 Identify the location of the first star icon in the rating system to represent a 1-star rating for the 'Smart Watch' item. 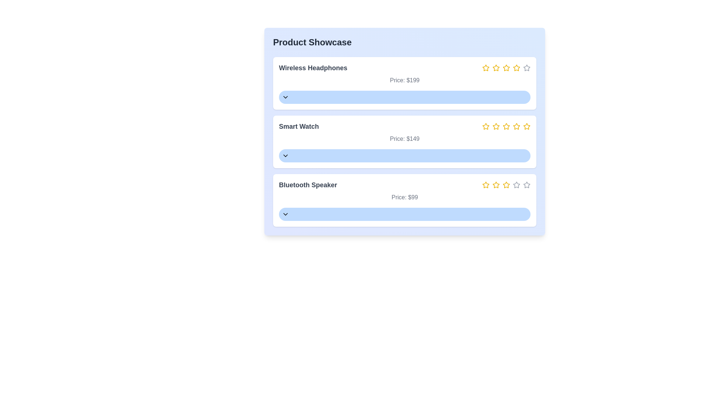
(486, 126).